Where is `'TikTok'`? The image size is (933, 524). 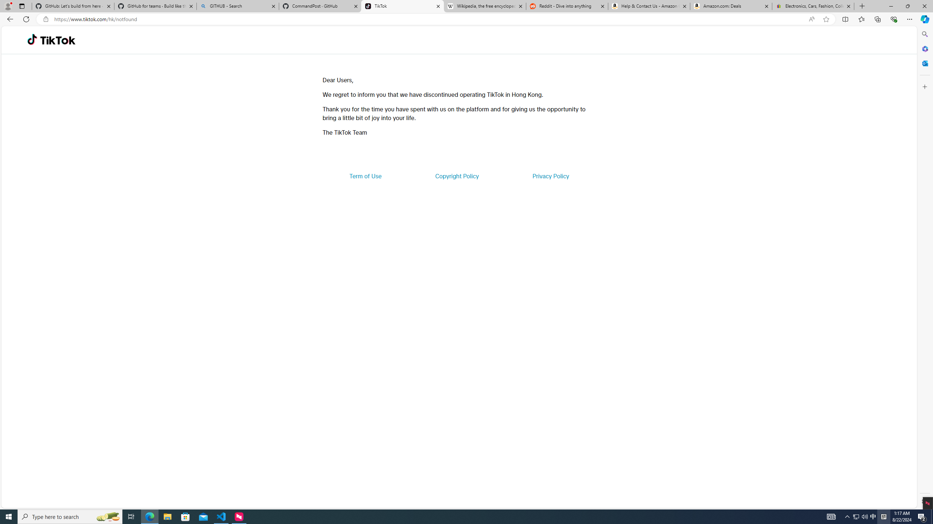
'TikTok' is located at coordinates (58, 40).